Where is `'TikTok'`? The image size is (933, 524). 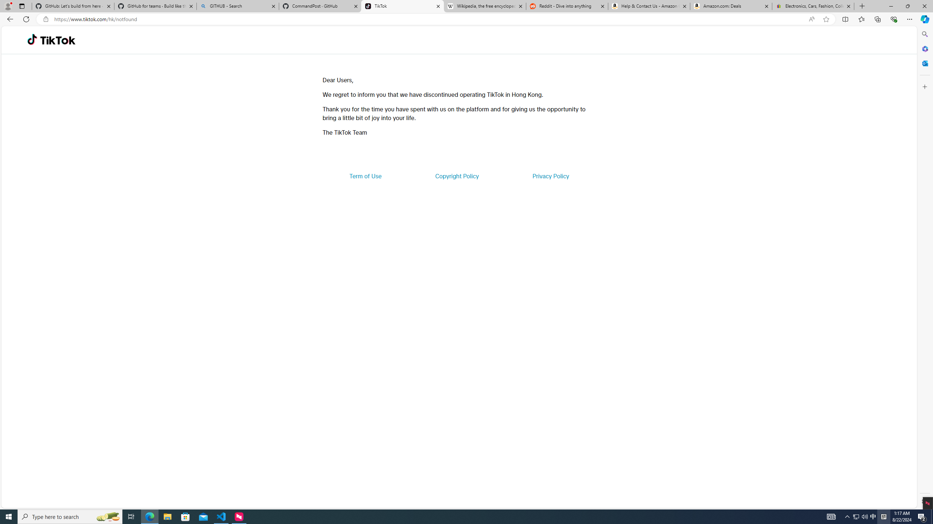
'TikTok' is located at coordinates (58, 40).